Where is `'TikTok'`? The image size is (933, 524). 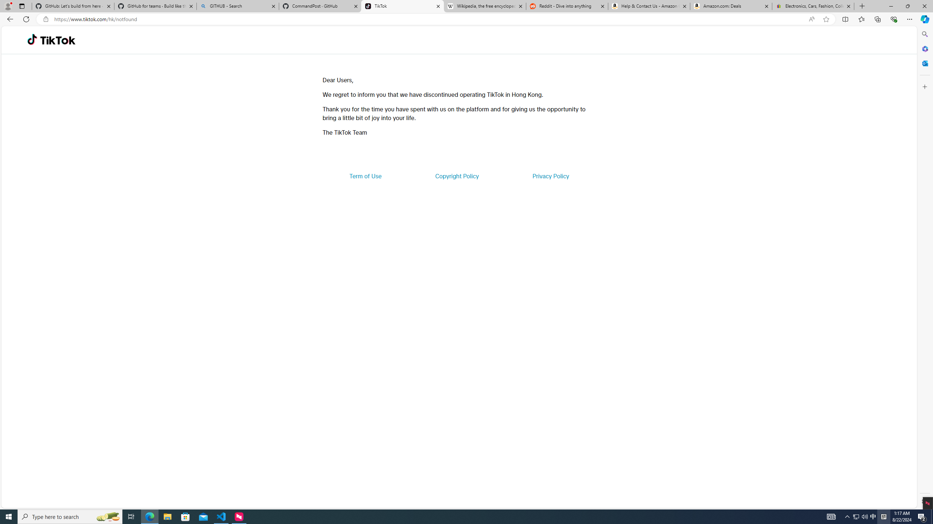
'TikTok' is located at coordinates (58, 40).